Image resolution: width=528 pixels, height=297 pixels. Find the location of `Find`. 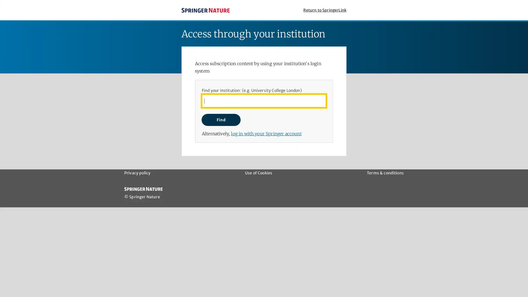

Find is located at coordinates (221, 119).